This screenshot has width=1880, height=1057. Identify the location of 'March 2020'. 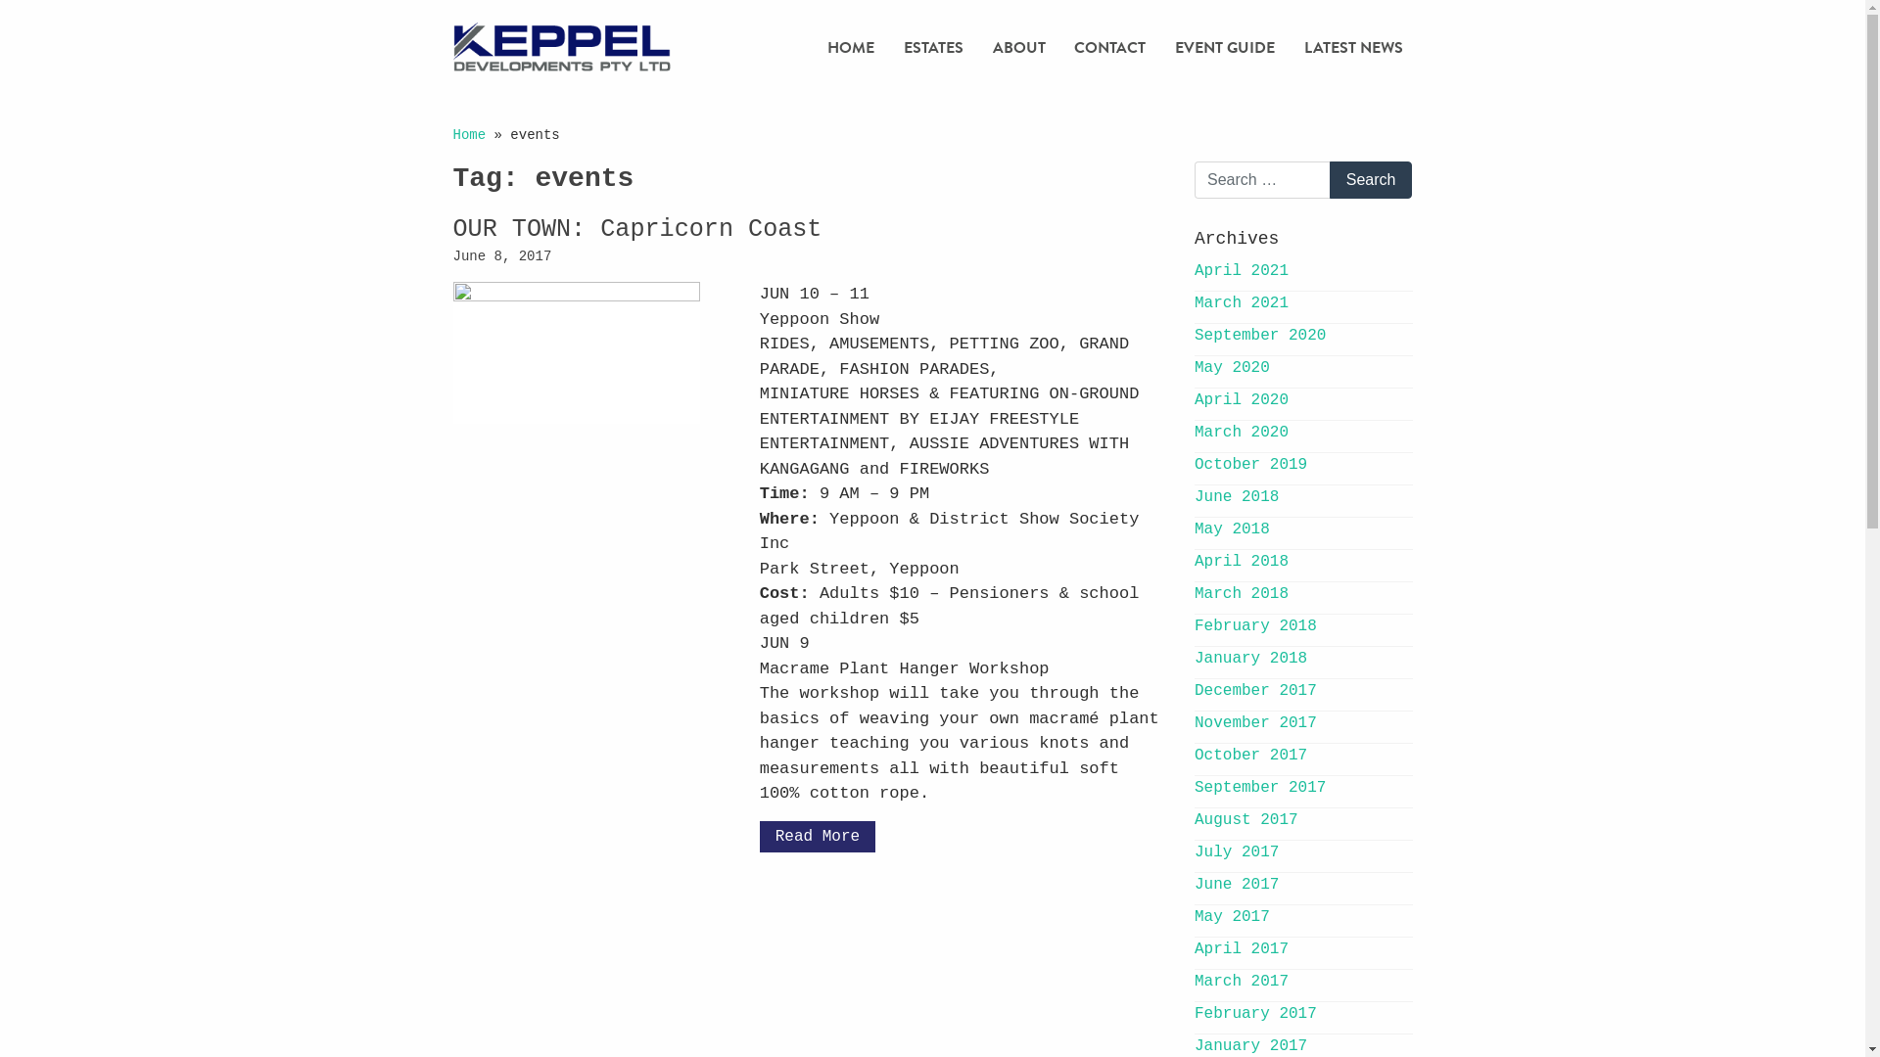
(1240, 432).